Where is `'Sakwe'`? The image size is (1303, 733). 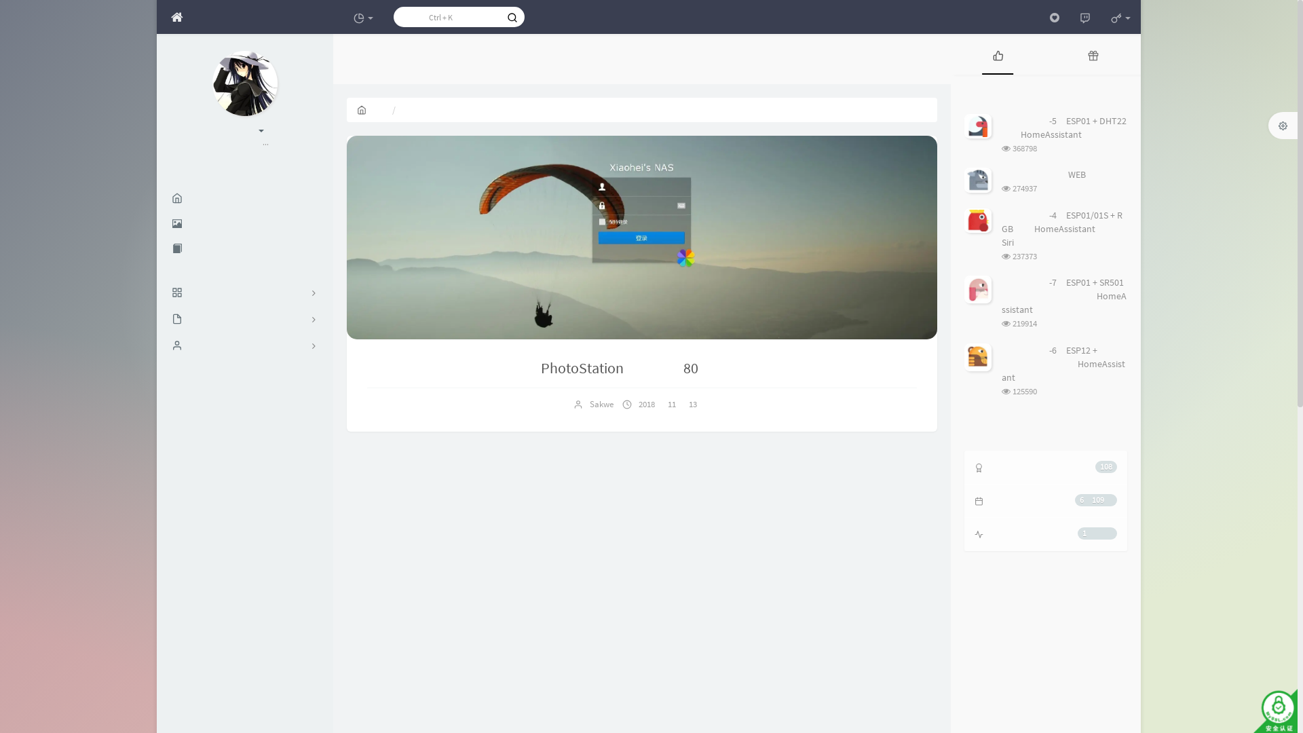 'Sakwe' is located at coordinates (600, 403).